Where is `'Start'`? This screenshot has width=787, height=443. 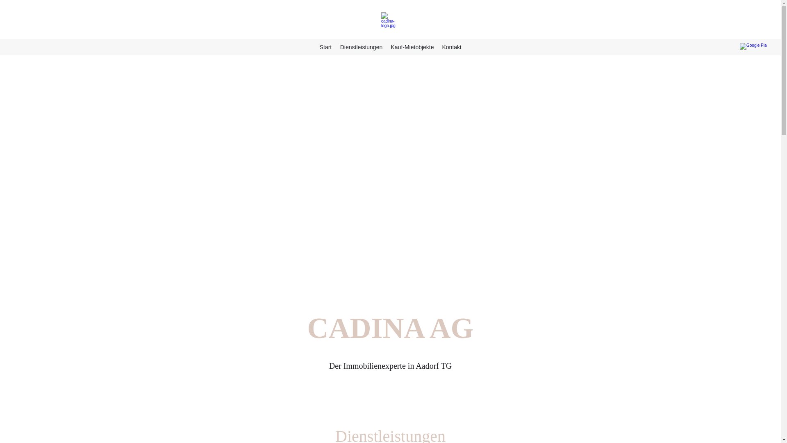
'Start' is located at coordinates (325, 47).